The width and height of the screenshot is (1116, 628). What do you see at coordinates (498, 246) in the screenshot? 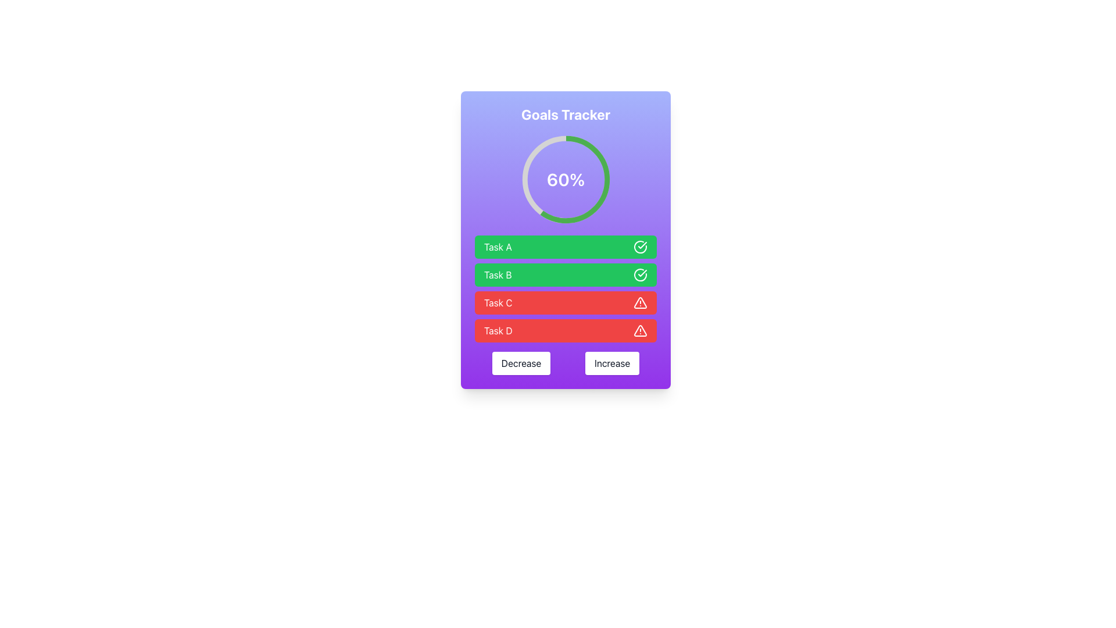
I see `the 'Task A' text label in the Goals Tracker panel, which is the first item in the vertical list of task labels` at bounding box center [498, 246].